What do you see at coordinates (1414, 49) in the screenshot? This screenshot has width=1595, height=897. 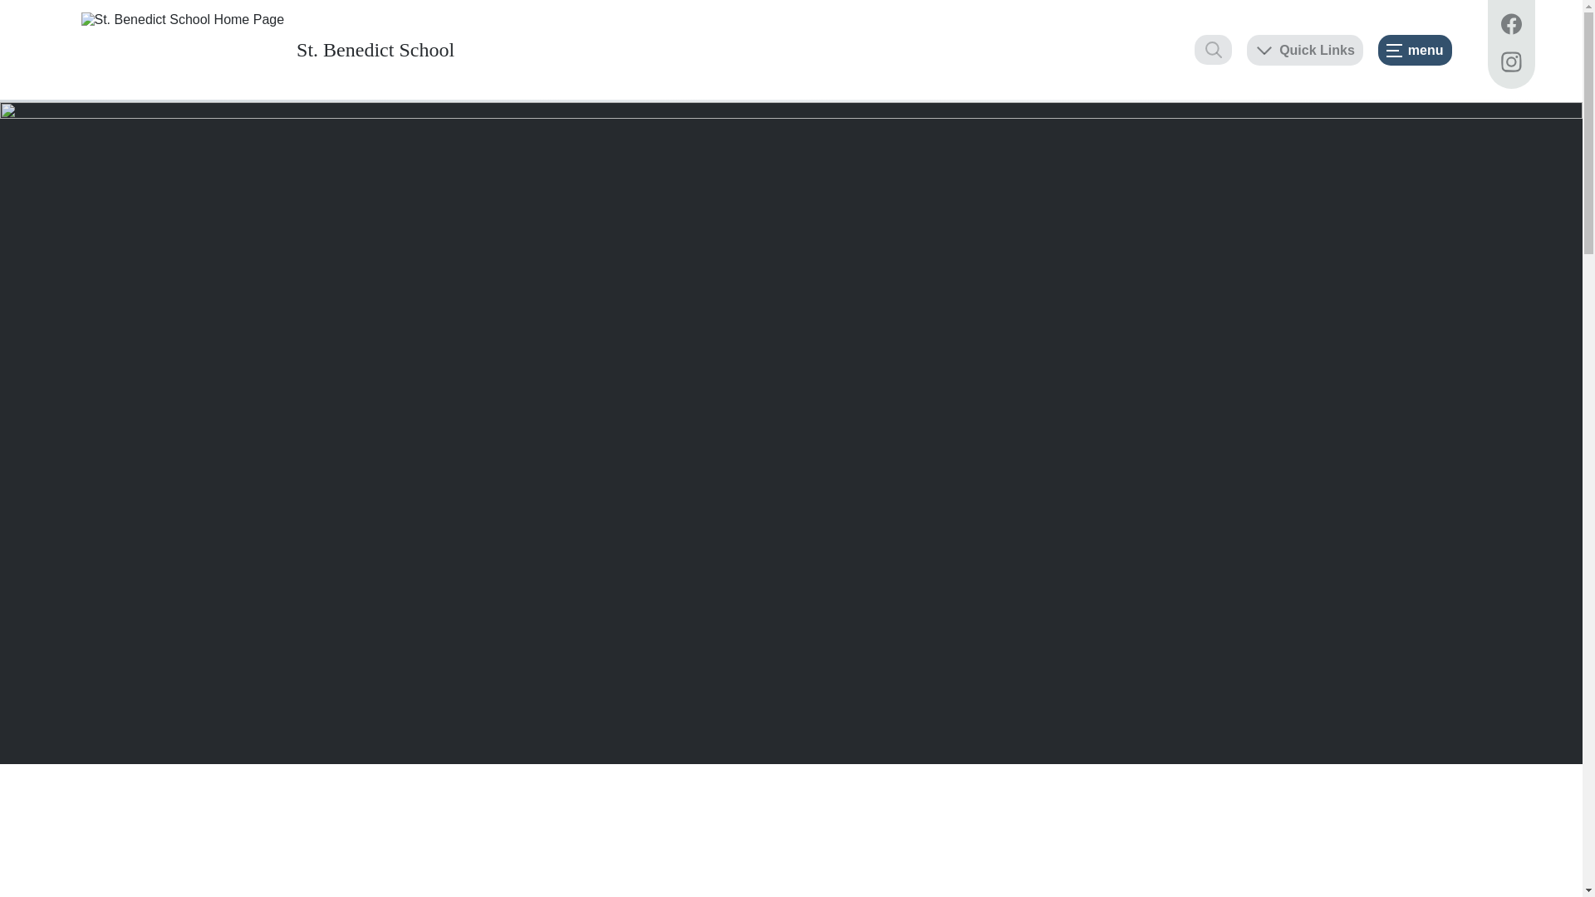 I see `'menu'` at bounding box center [1414, 49].